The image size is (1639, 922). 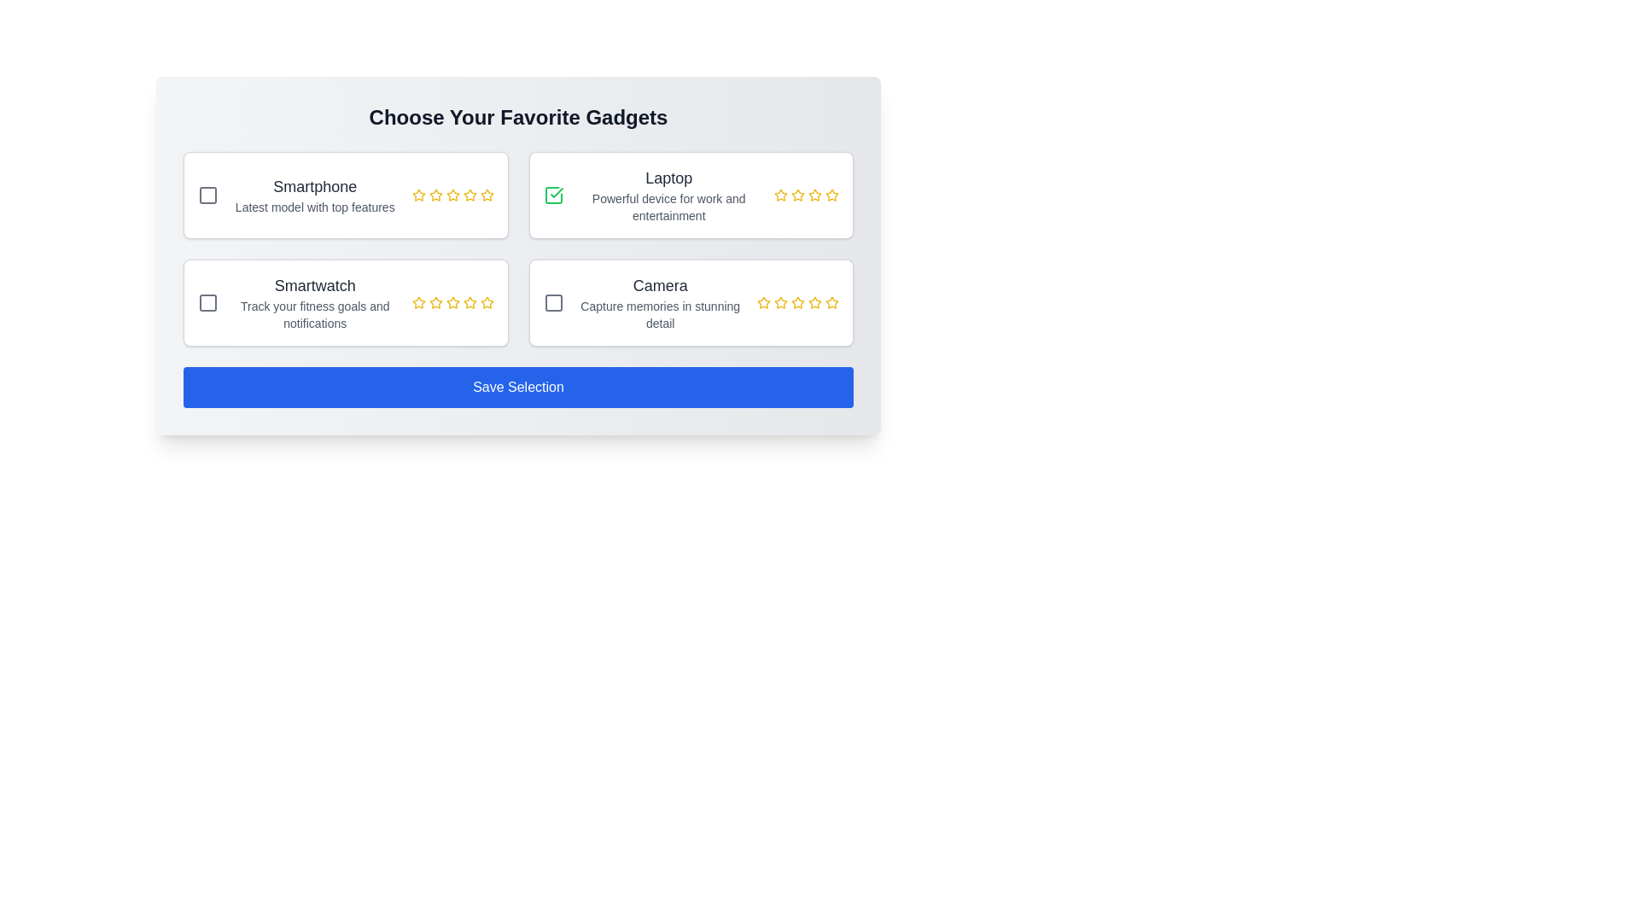 What do you see at coordinates (797, 301) in the screenshot?
I see `the fourth star-shaped icon with a golden yellow outline in the rating system located in the bottom-right grid cell` at bounding box center [797, 301].